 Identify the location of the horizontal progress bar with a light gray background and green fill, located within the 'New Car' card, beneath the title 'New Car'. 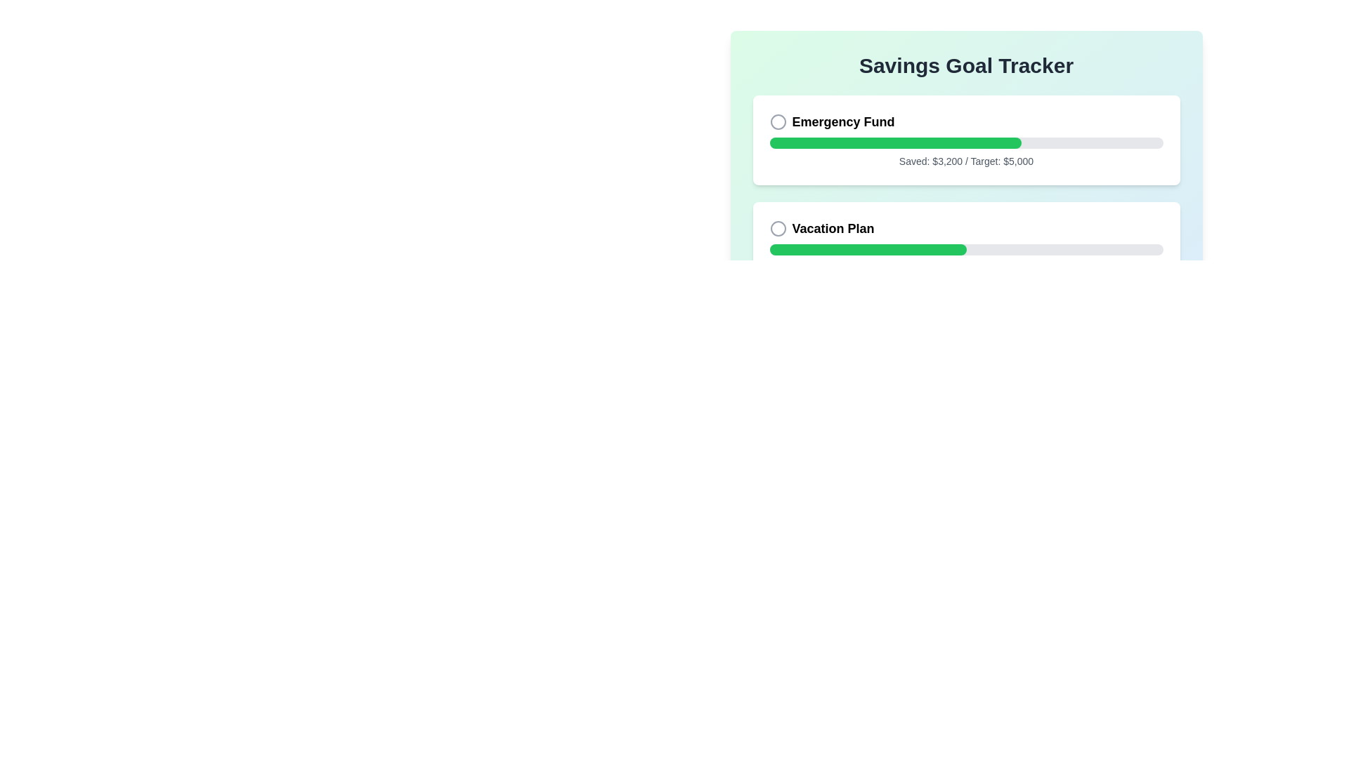
(965, 356).